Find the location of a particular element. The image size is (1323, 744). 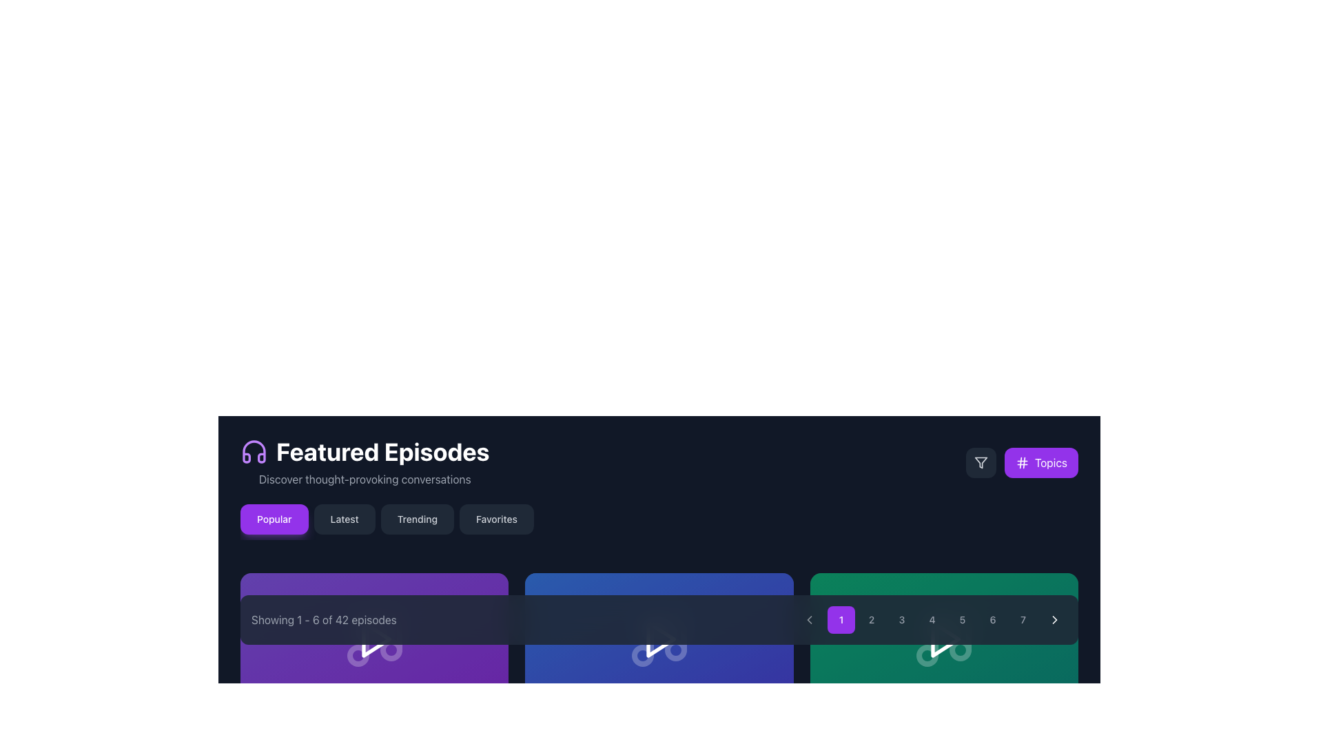

text of the non-interactive header labeled 'Featured Episodes' located at the top-left portion of the section is located at coordinates (365, 451).